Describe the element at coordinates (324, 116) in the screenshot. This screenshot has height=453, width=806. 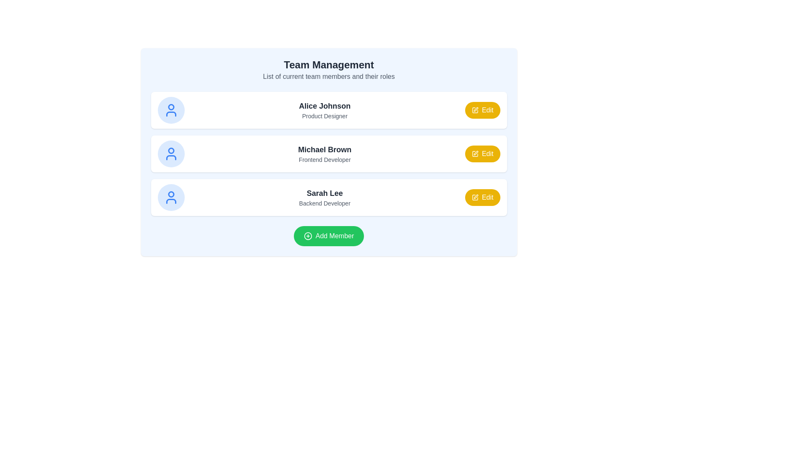
I see `the text label that identifies the job title of 'Alice Johnson' within the first user card in the list` at that location.